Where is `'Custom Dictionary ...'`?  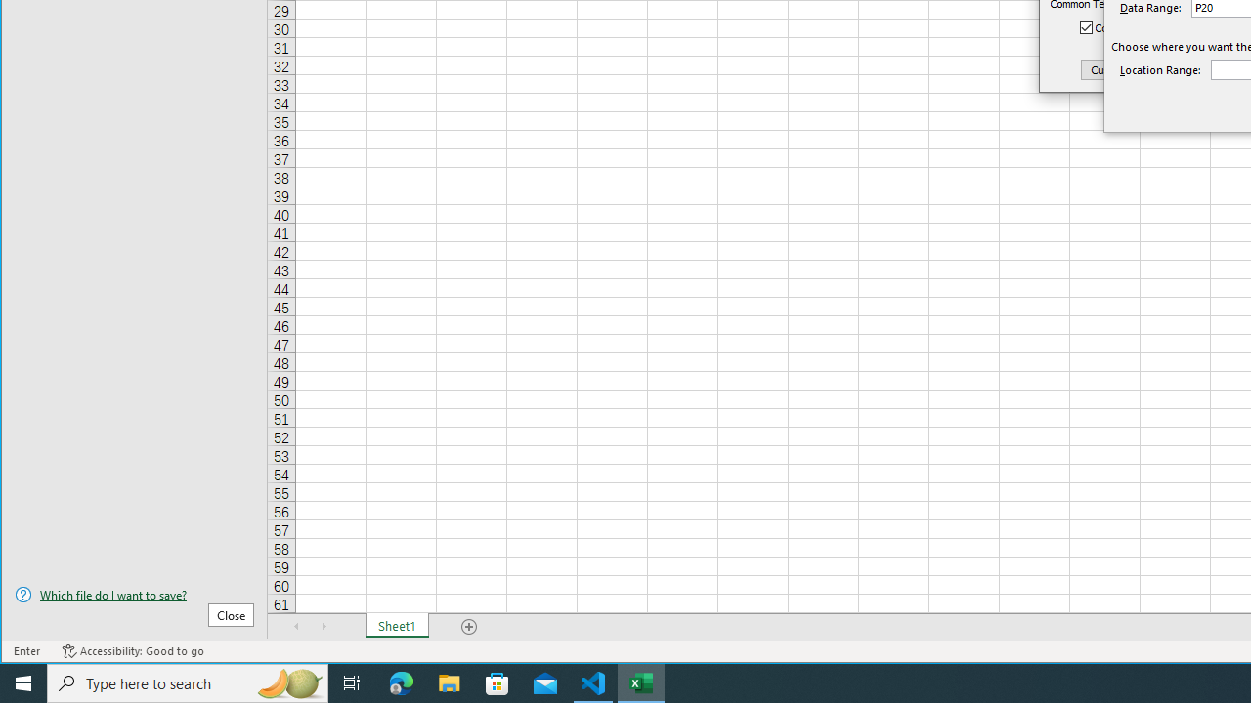
'Custom Dictionary ...' is located at coordinates (1142, 68).